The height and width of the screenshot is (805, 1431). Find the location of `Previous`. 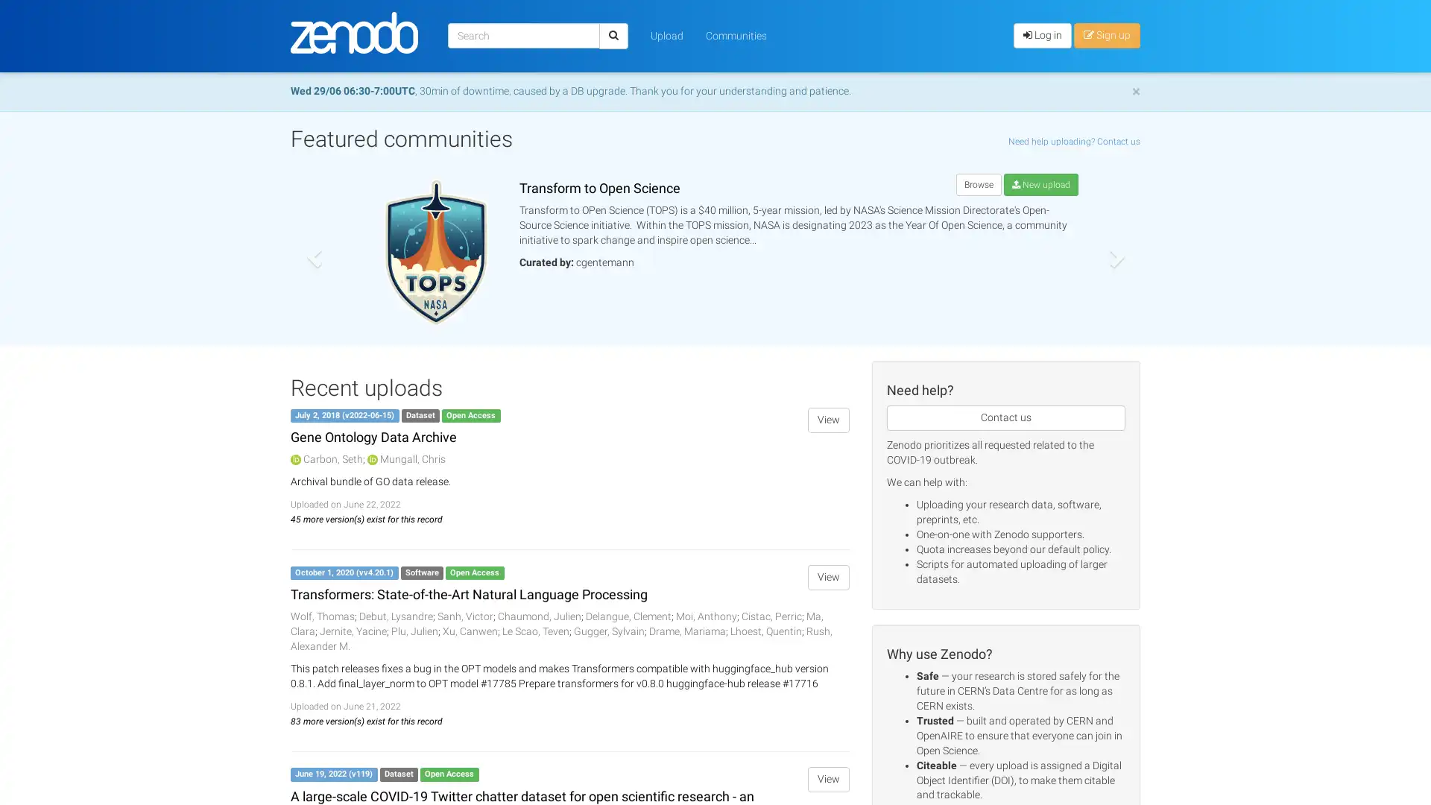

Previous is located at coordinates (311, 251).